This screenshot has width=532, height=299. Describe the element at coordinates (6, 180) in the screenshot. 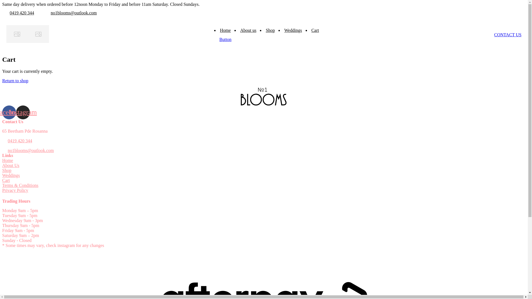

I see `'Cart'` at that location.